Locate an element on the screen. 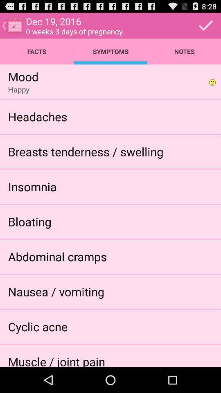 This screenshot has width=221, height=393. icon above abdominal cramps icon is located at coordinates (29, 221).